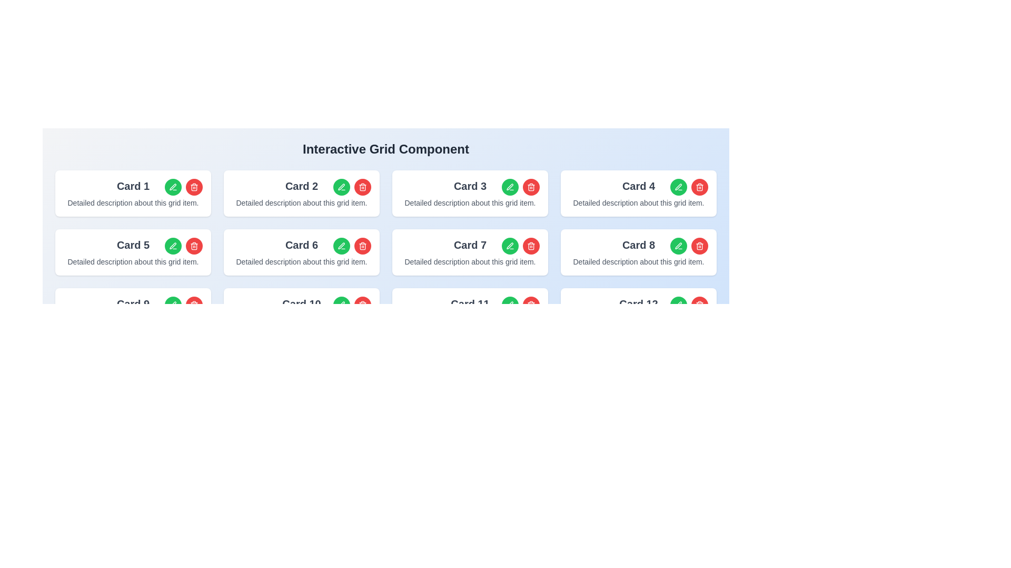  I want to click on the edit button located in the top-right corner of 'Card 7', positioned to the left of the red delete button, so click(510, 246).